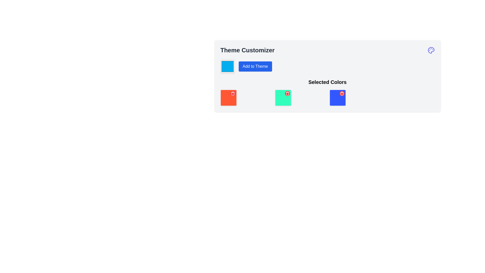 The width and height of the screenshot is (485, 273). I want to click on the palette icon located in the top-right corner of the 'Theme Customizer' panel, so click(430, 50).